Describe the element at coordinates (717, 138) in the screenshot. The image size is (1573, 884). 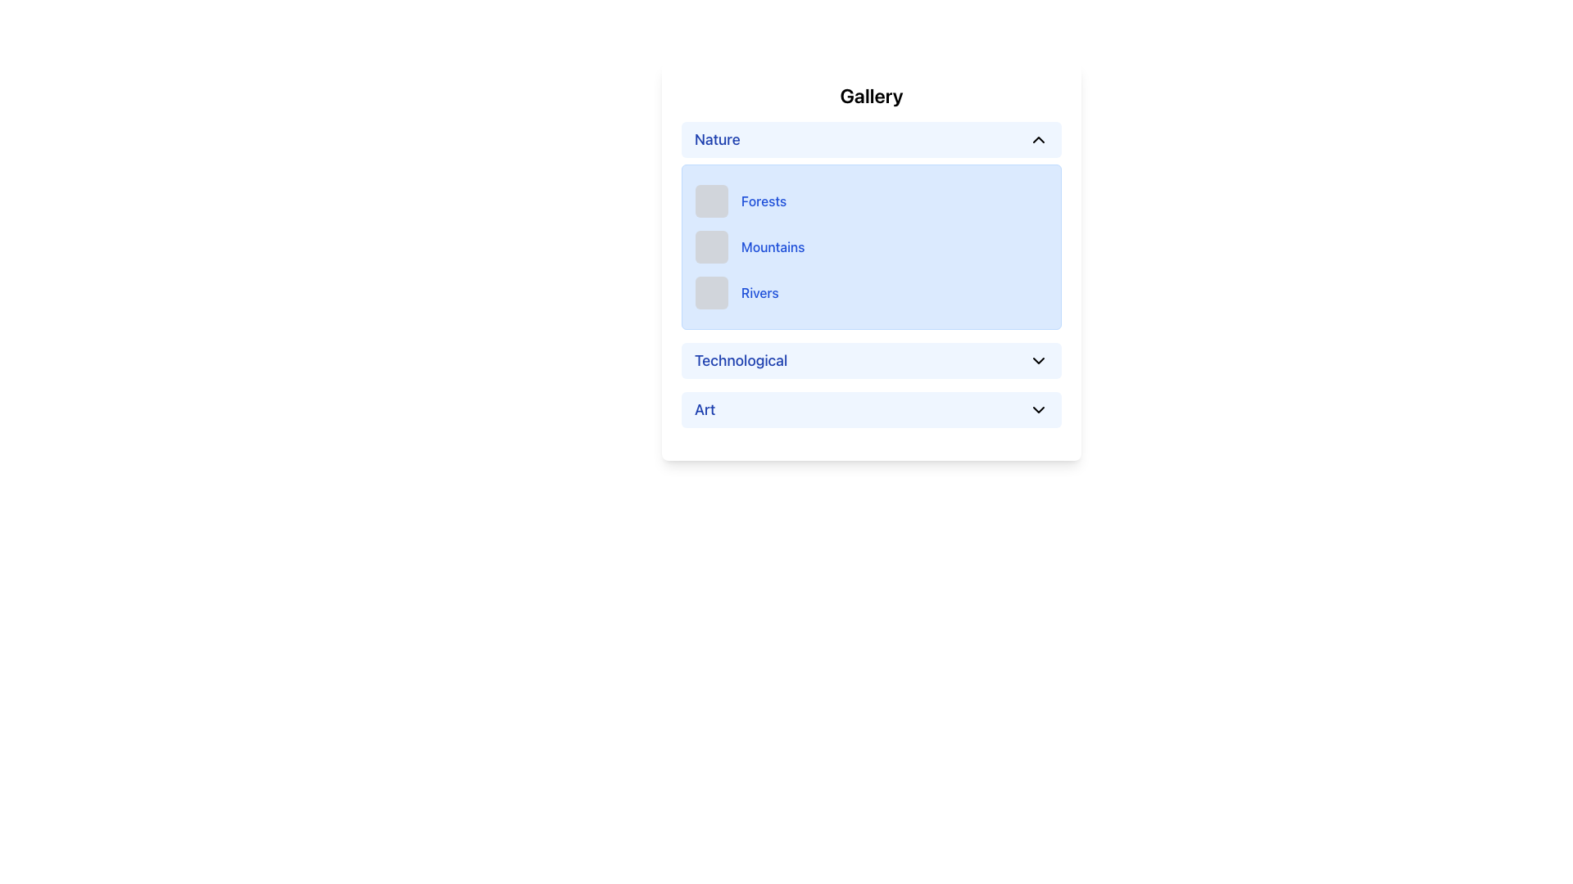
I see `the Text Label that serves as a header for the collapsible section related to 'Nature', located under the 'Gallery' header` at that location.